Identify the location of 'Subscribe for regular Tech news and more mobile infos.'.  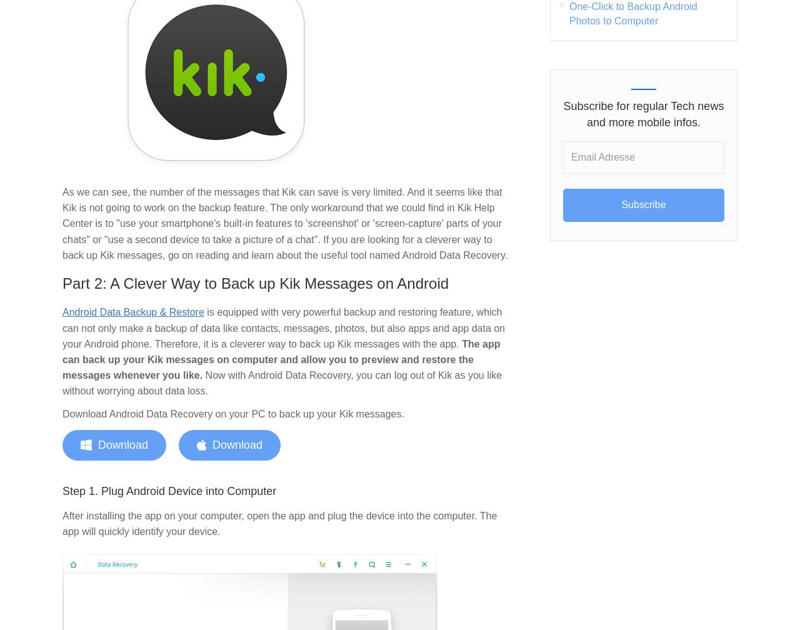
(643, 114).